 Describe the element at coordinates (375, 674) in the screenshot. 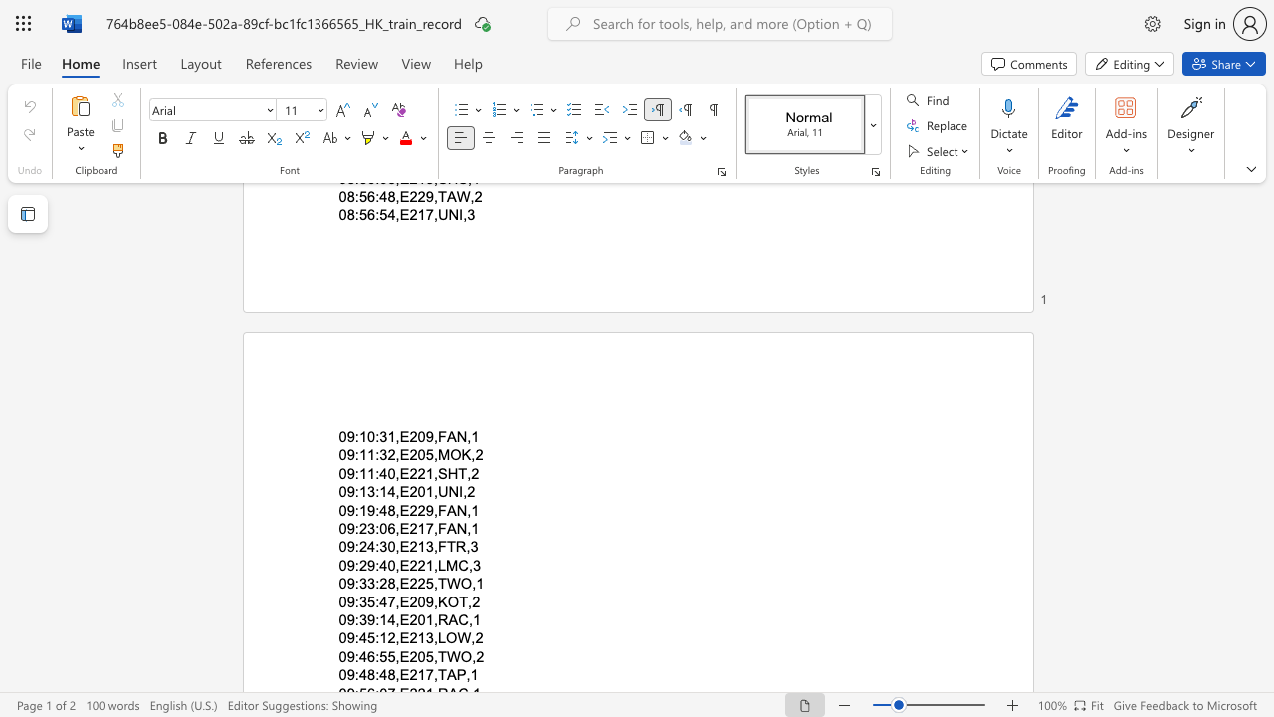

I see `the subset text ":48,E2" within the text "09:48:48,E217,TAP,1"` at that location.